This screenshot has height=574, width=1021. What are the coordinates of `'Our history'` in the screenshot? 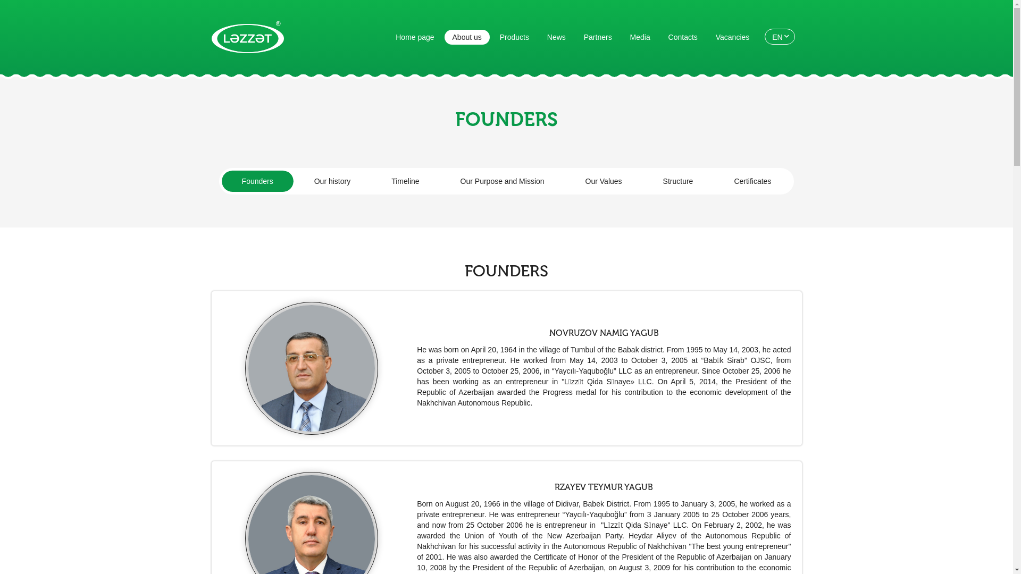 It's located at (331, 180).